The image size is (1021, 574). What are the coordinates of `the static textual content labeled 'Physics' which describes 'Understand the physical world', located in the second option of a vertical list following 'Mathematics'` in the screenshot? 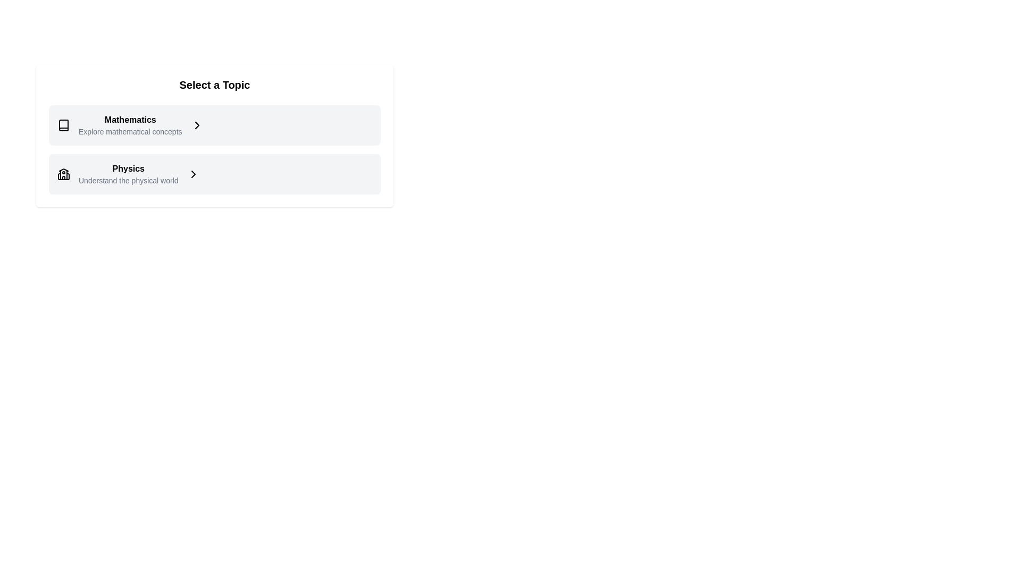 It's located at (128, 173).